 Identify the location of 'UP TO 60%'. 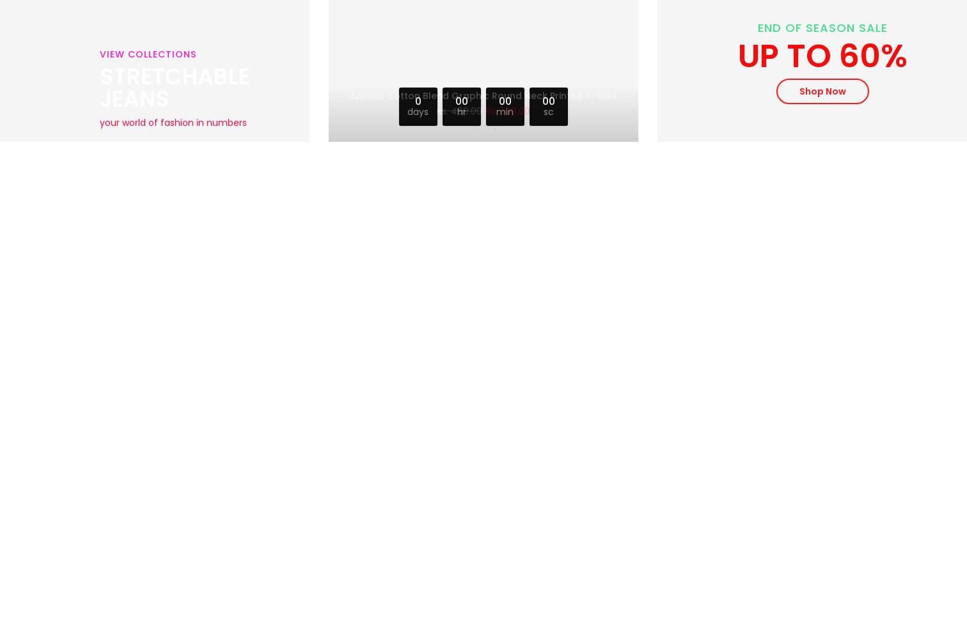
(737, 55).